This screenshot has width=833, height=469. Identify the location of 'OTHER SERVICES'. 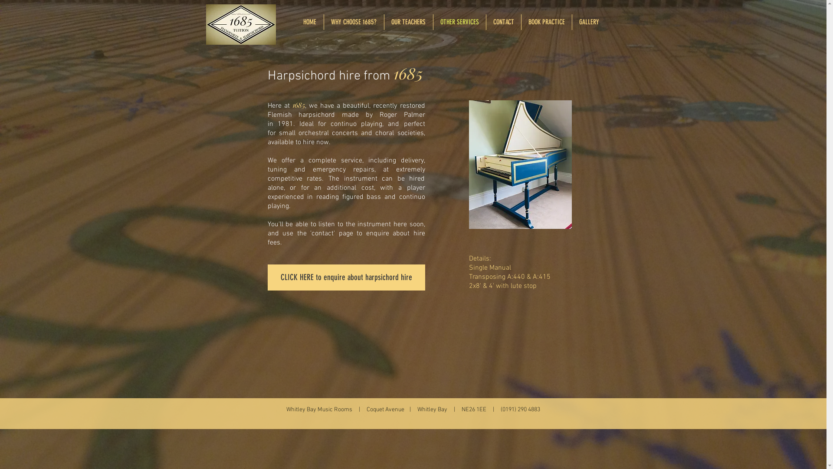
(459, 21).